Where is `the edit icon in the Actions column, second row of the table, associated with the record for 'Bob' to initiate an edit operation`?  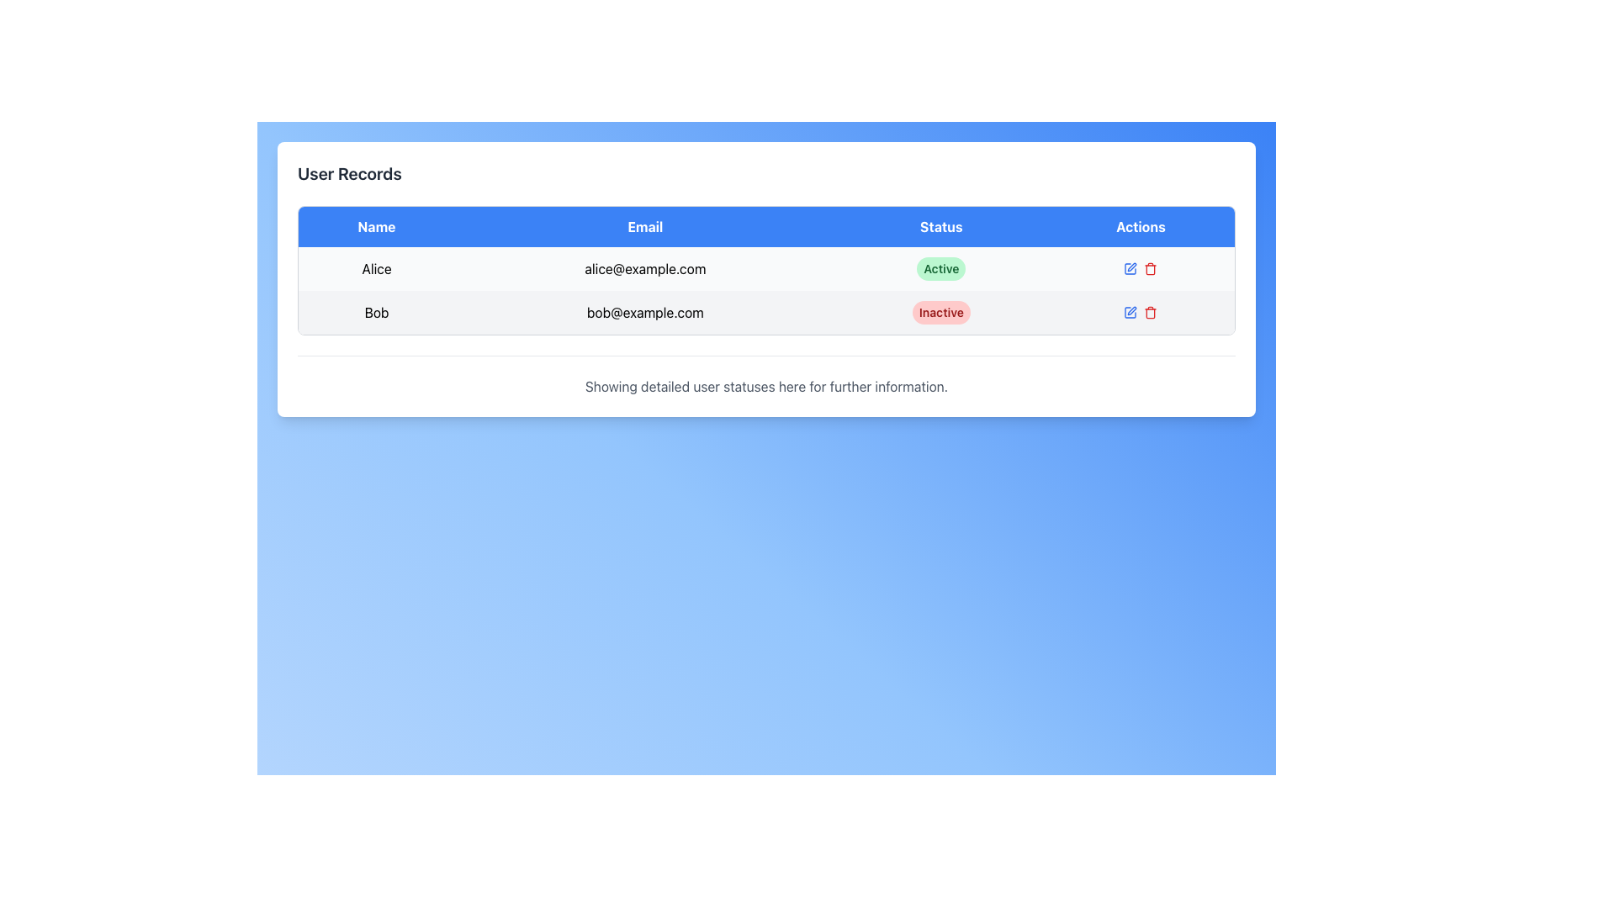
the edit icon in the Actions column, second row of the table, associated with the record for 'Bob' to initiate an edit operation is located at coordinates (1132, 266).